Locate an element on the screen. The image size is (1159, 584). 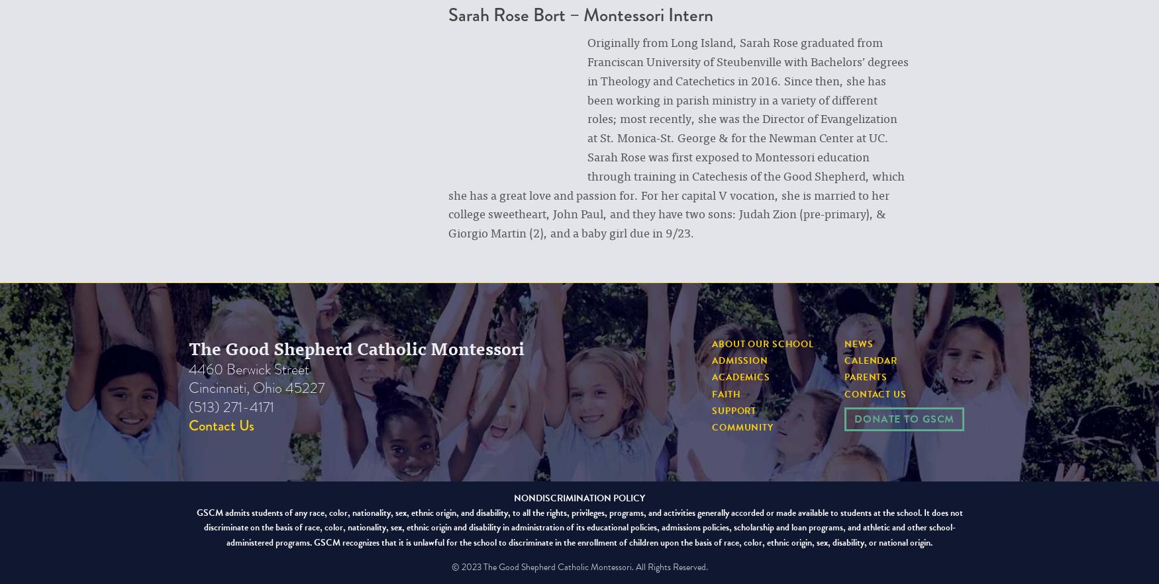
'Cincinnati, Ohio 45227' is located at coordinates (256, 387).